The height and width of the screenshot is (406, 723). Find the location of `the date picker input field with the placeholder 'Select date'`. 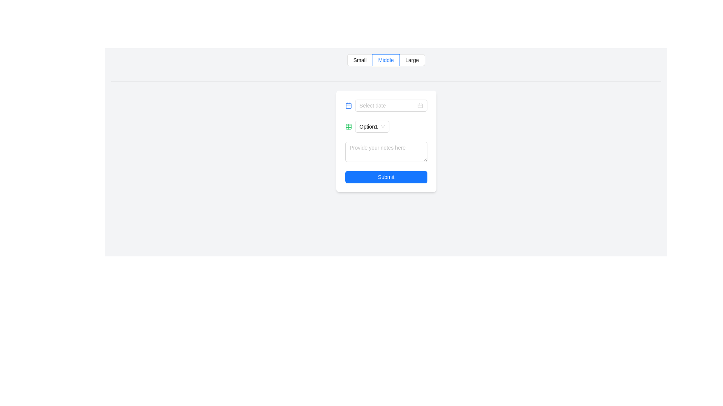

the date picker input field with the placeholder 'Select date' is located at coordinates (391, 106).